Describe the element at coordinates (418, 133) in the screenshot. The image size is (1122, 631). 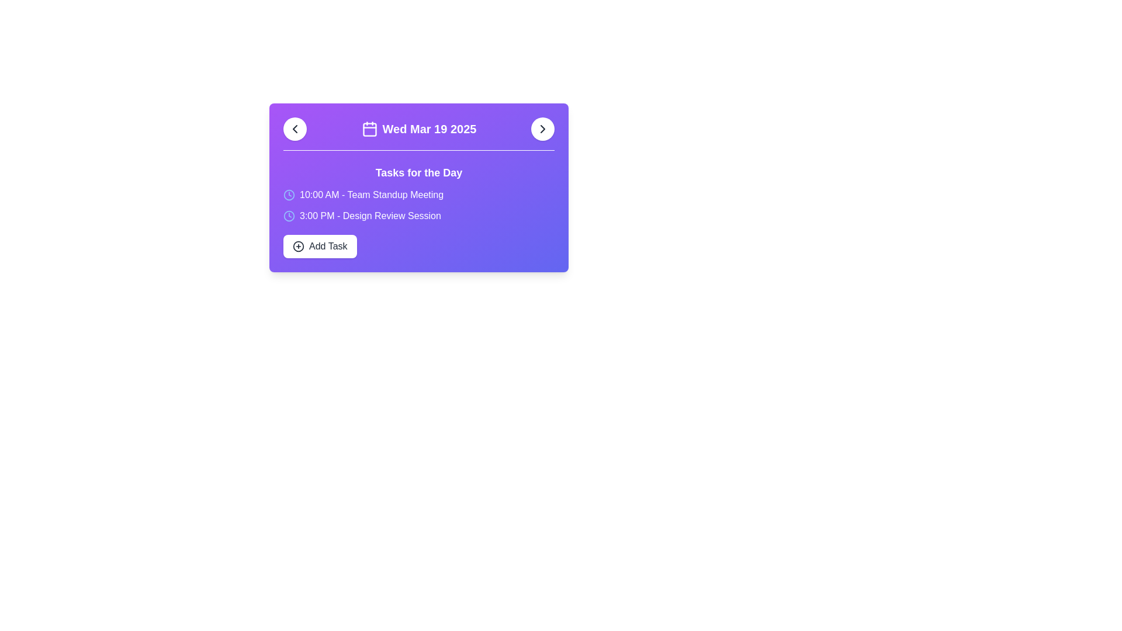
I see `the display text element showing 'Wed Mar 19 2025' with a calendar icon on a gradient purple background located at the top section of the card` at that location.